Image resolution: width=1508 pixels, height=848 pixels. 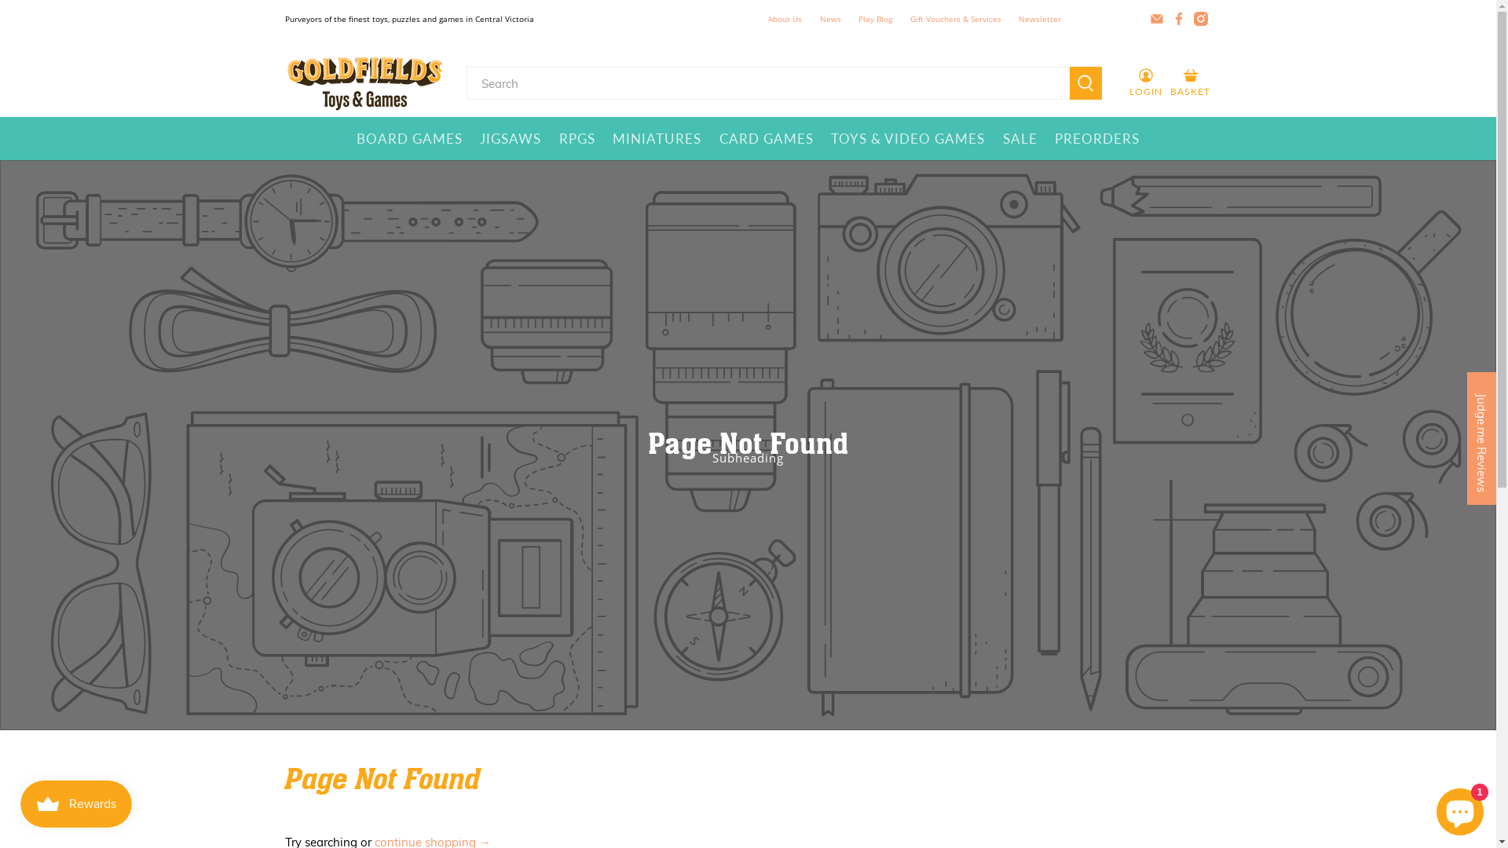 What do you see at coordinates (1146, 83) in the screenshot?
I see `'LOGIN'` at bounding box center [1146, 83].